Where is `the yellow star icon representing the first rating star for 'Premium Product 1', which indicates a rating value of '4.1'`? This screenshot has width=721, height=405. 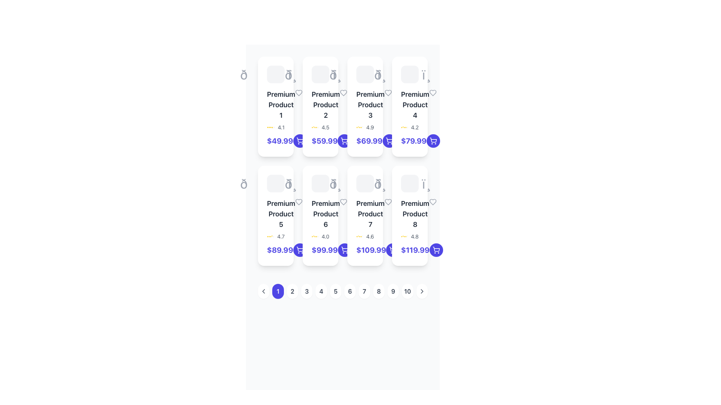 the yellow star icon representing the first rating star for 'Premium Product 1', which indicates a rating value of '4.1' is located at coordinates (268, 127).